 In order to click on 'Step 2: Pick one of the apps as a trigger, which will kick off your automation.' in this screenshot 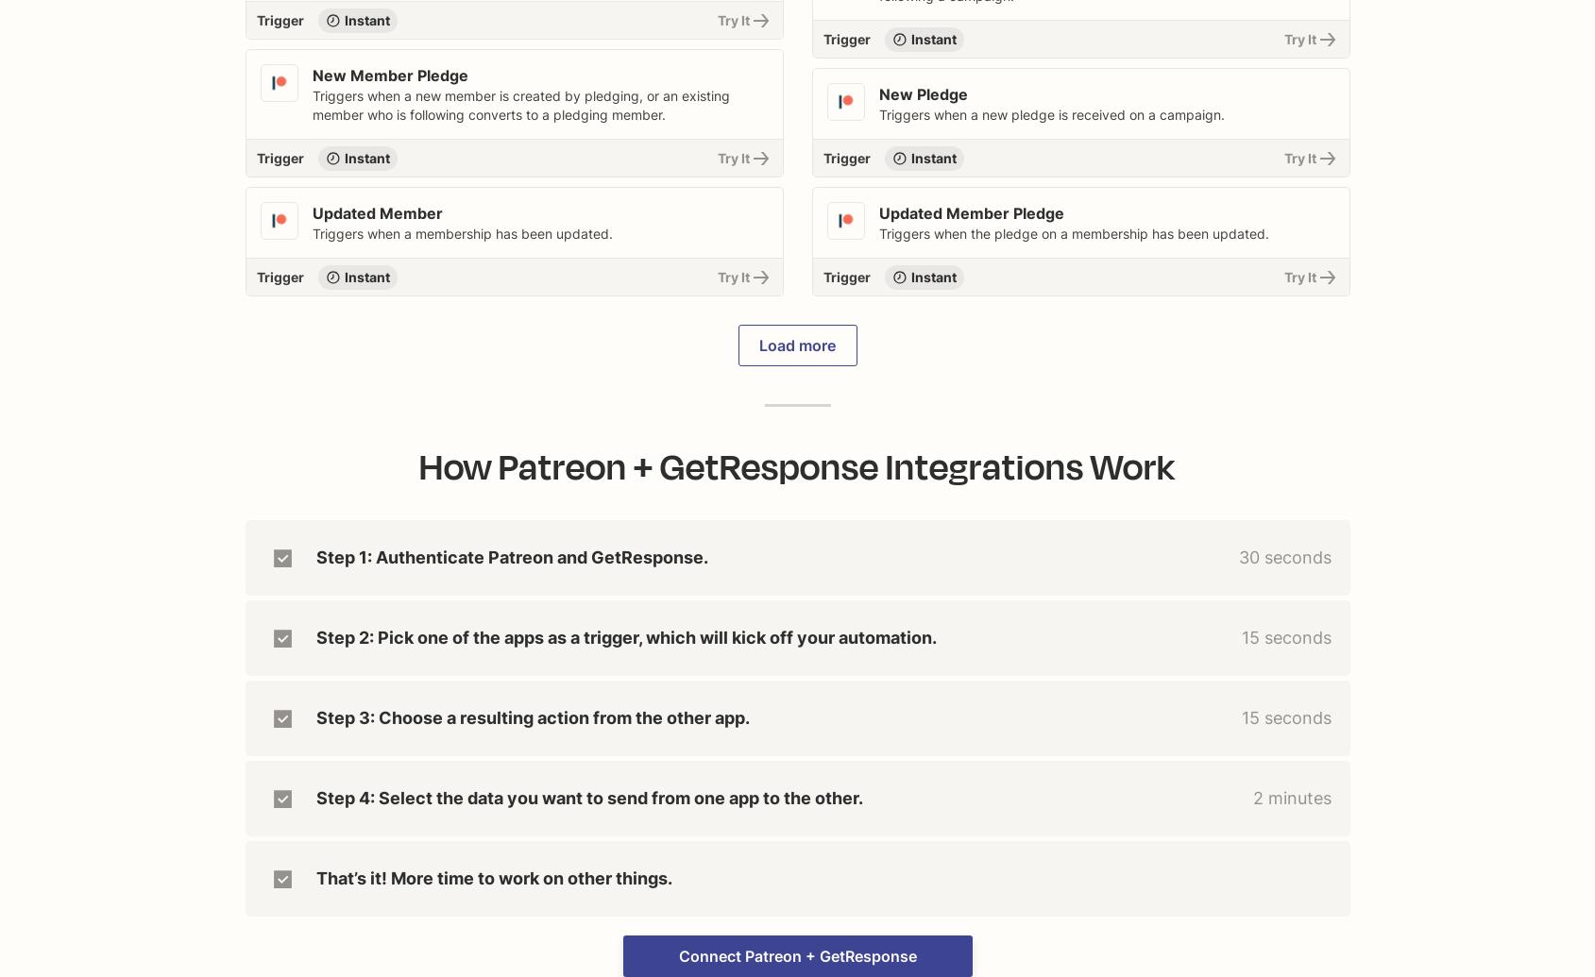, I will do `click(625, 636)`.